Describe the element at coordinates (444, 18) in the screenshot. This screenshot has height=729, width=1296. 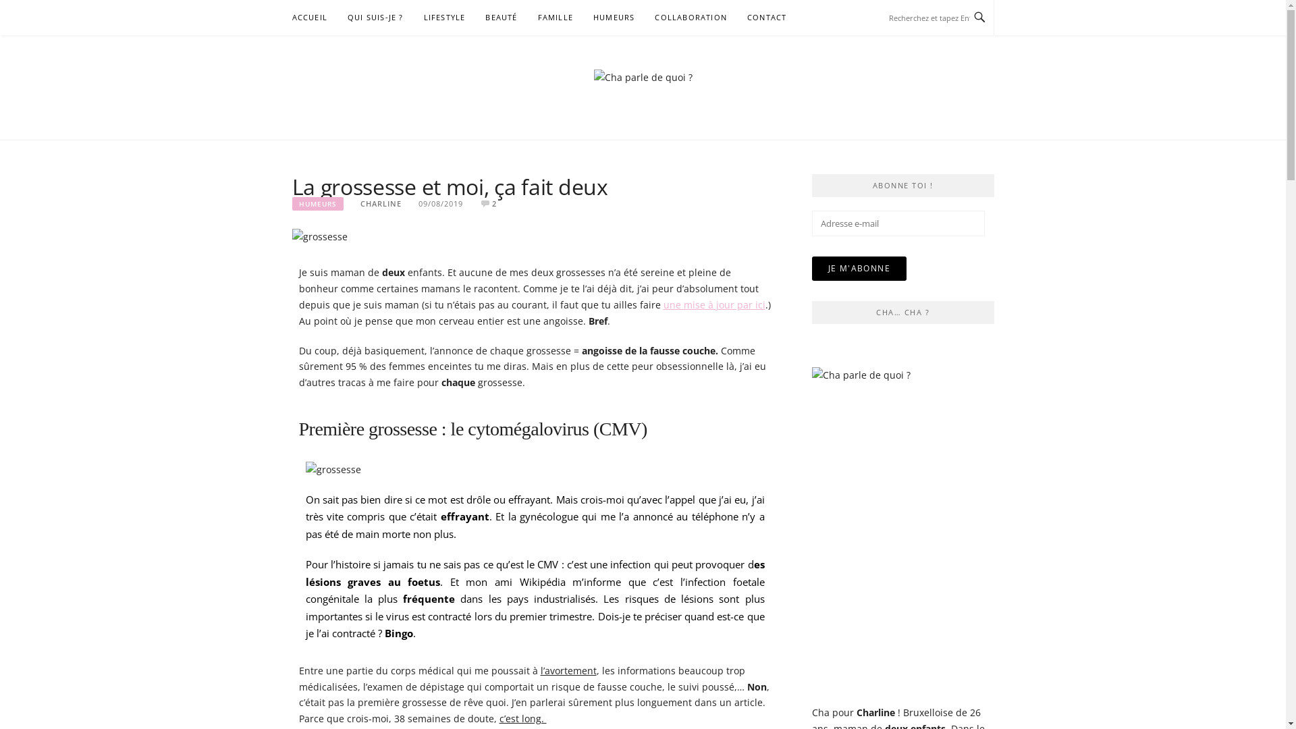
I see `'LIFESTYLE'` at that location.